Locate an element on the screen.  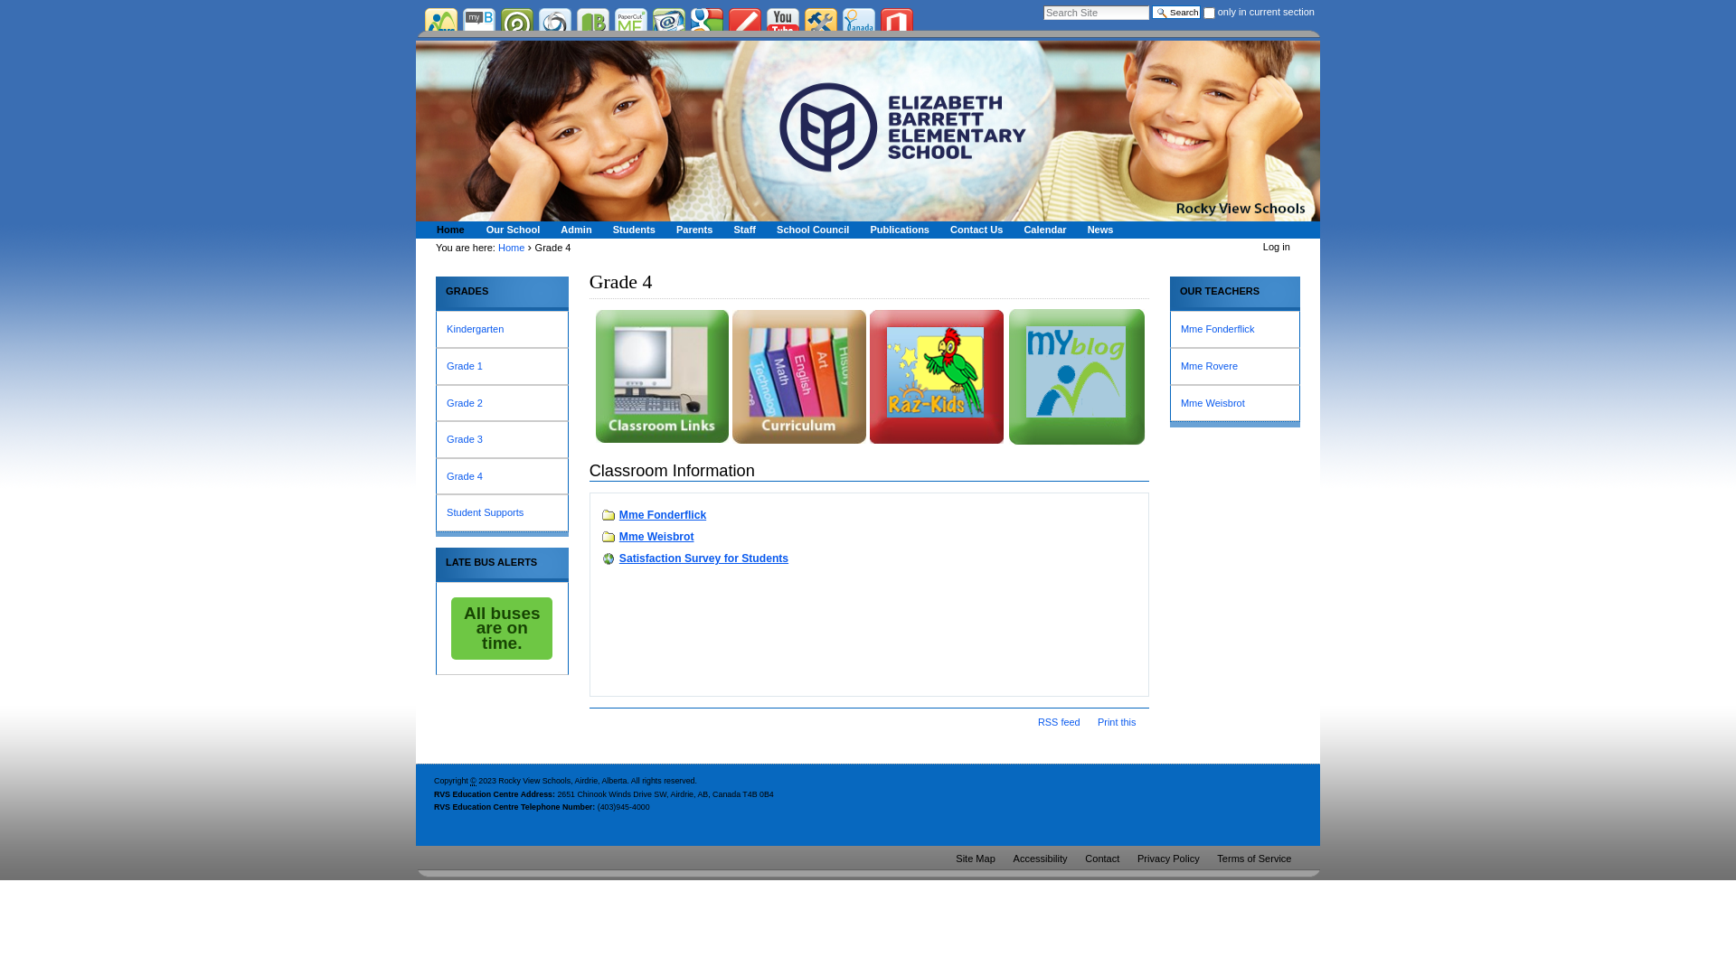
'Bibliovation' is located at coordinates (576, 23).